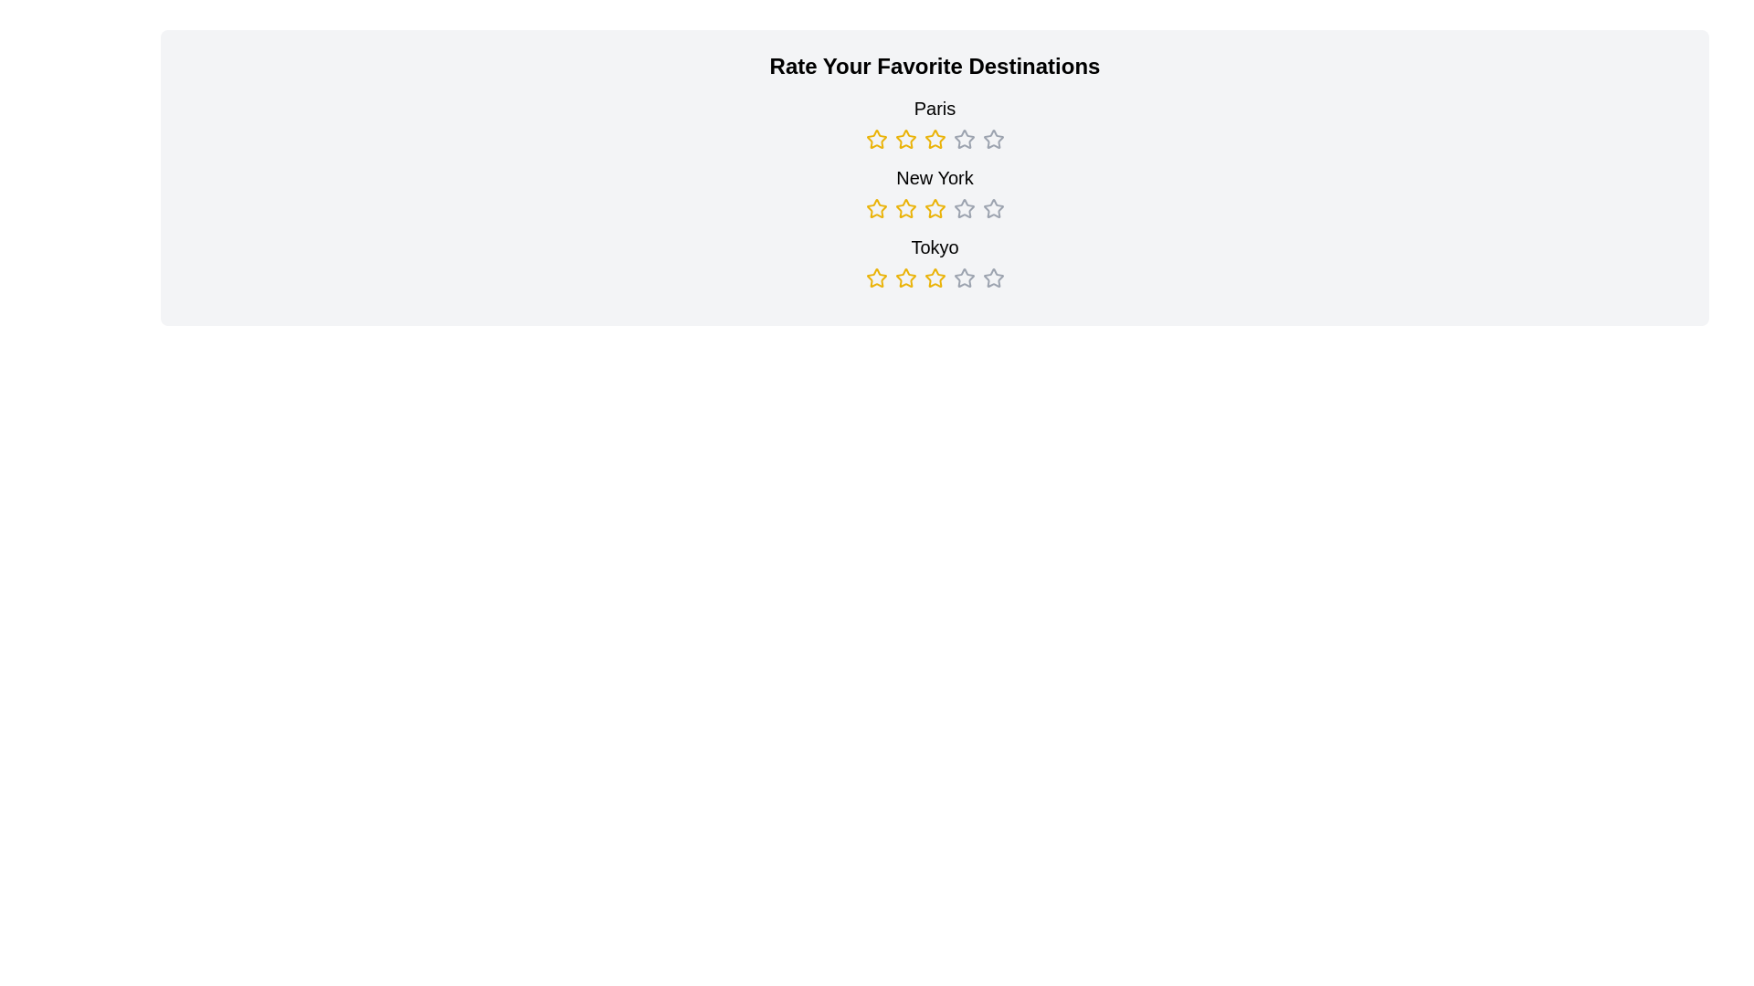  I want to click on the interactive star icon positioned in the first row for the 'Paris' rating, so click(963, 139).